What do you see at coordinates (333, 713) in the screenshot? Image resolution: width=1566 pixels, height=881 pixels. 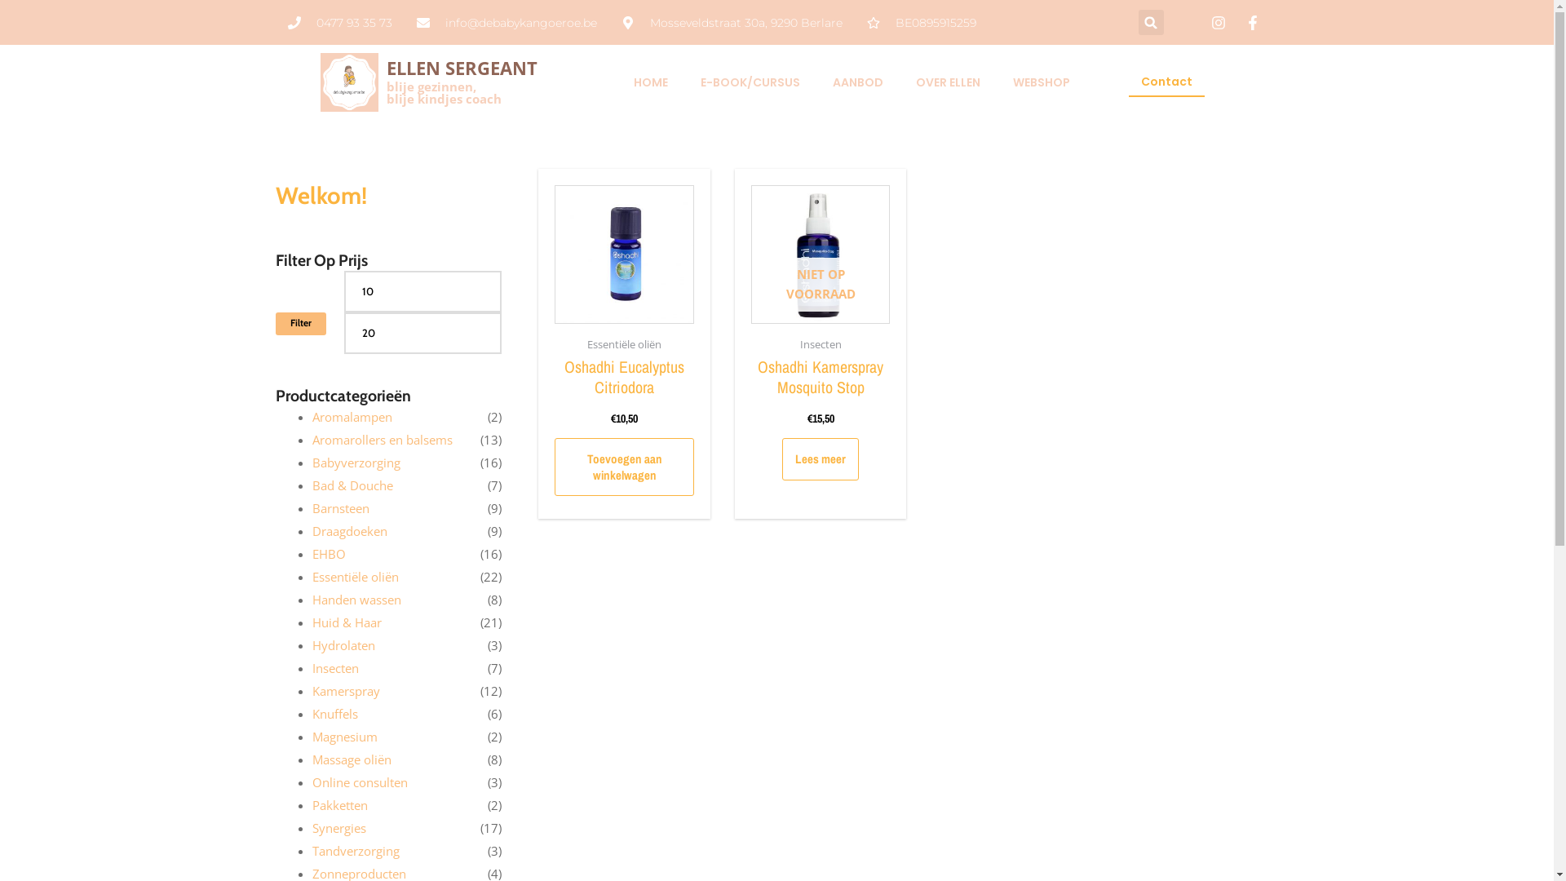 I see `'Knuffels'` at bounding box center [333, 713].